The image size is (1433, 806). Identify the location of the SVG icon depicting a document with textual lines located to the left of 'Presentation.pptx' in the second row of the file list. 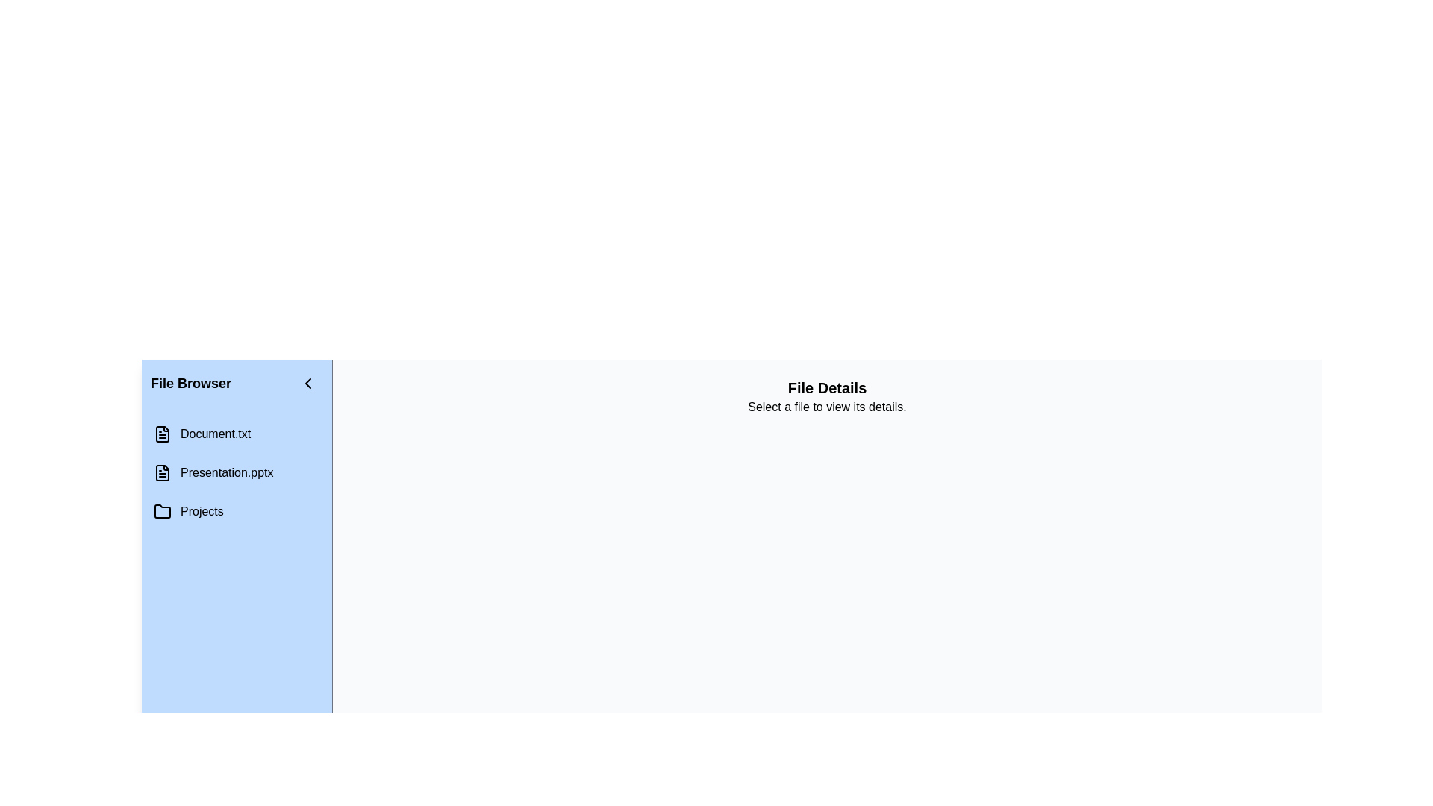
(162, 472).